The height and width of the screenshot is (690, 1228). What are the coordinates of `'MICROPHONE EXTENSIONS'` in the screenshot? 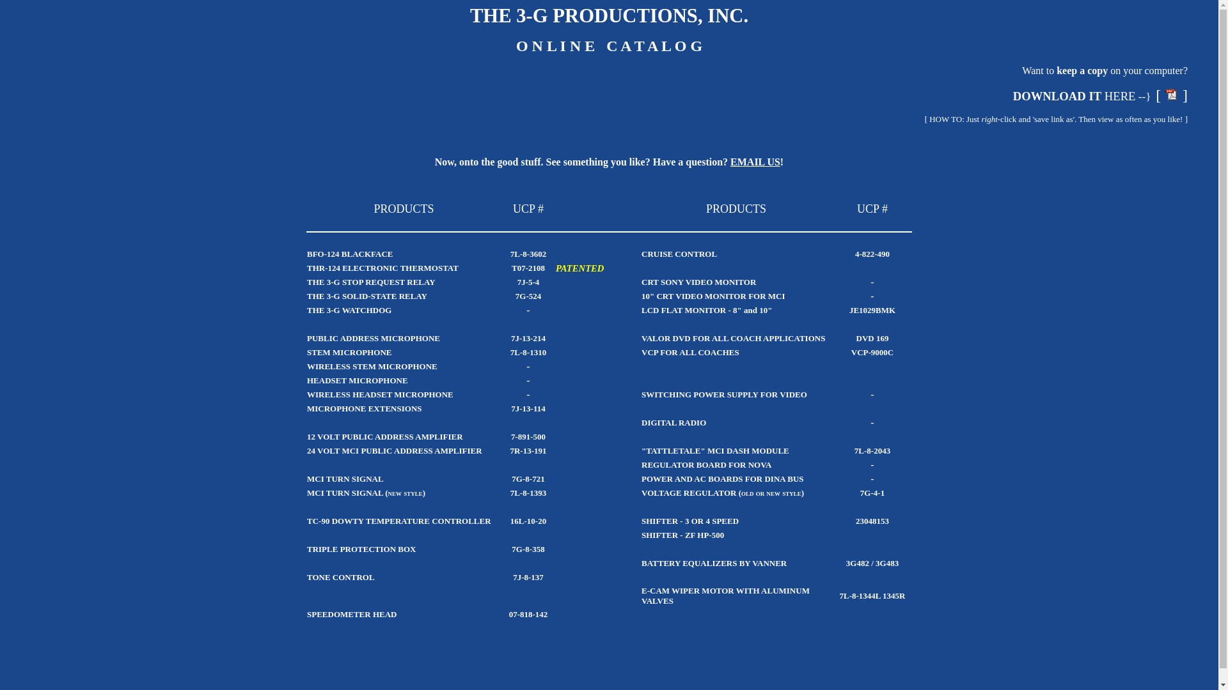 It's located at (364, 408).